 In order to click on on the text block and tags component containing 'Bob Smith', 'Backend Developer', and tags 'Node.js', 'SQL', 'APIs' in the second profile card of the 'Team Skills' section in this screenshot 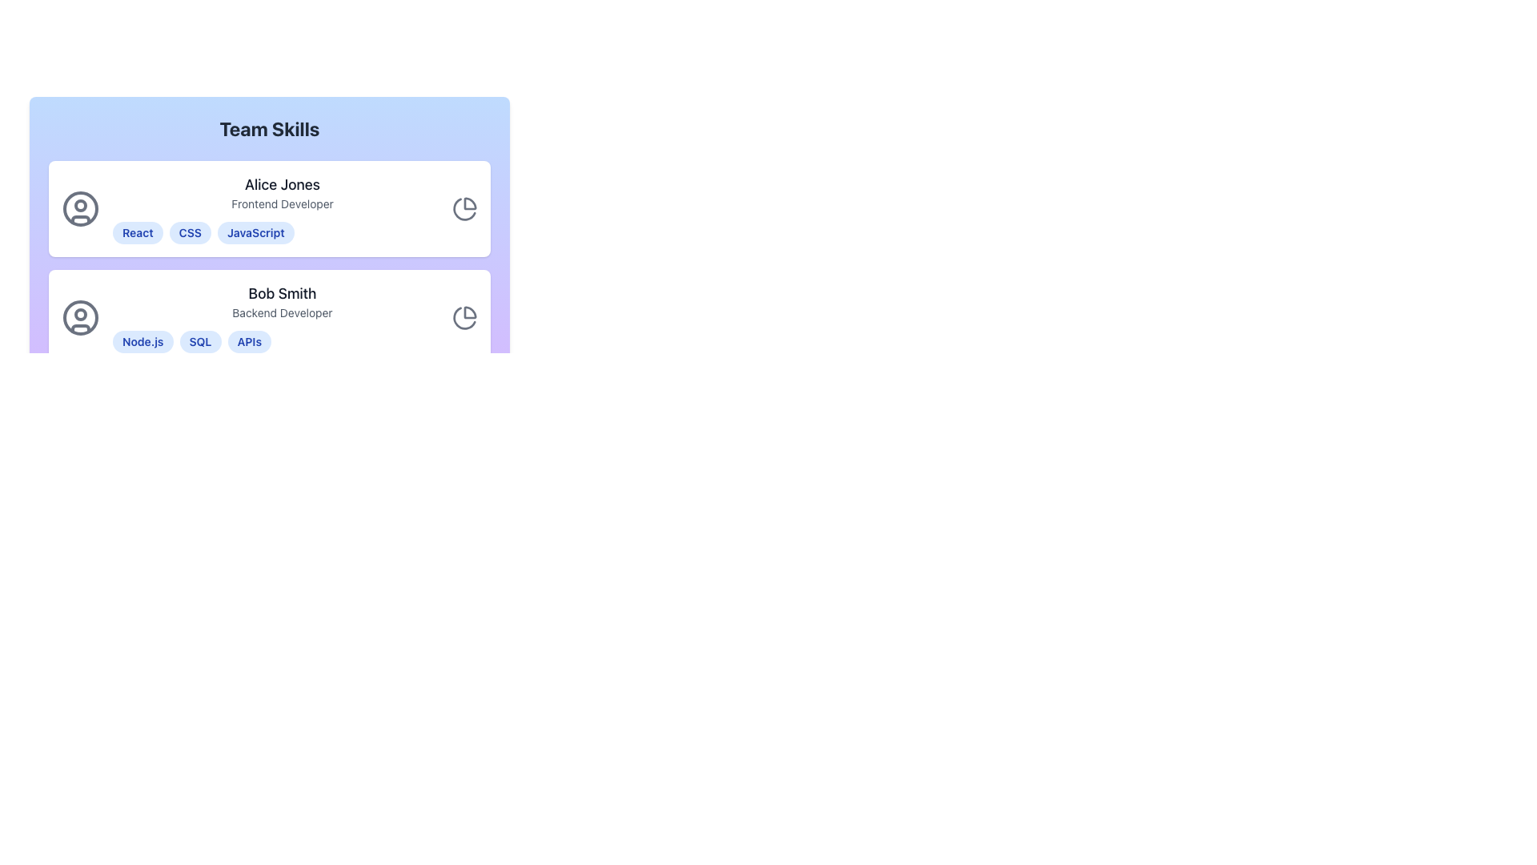, I will do `click(283, 318)`.